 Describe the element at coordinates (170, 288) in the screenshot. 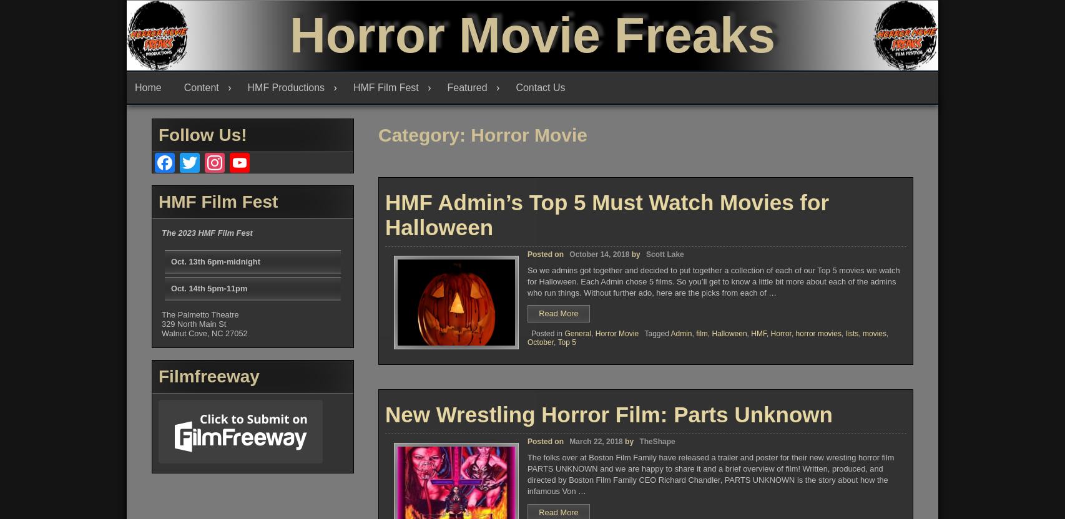

I see `'Oct. 14th 5pm-11pm'` at that location.